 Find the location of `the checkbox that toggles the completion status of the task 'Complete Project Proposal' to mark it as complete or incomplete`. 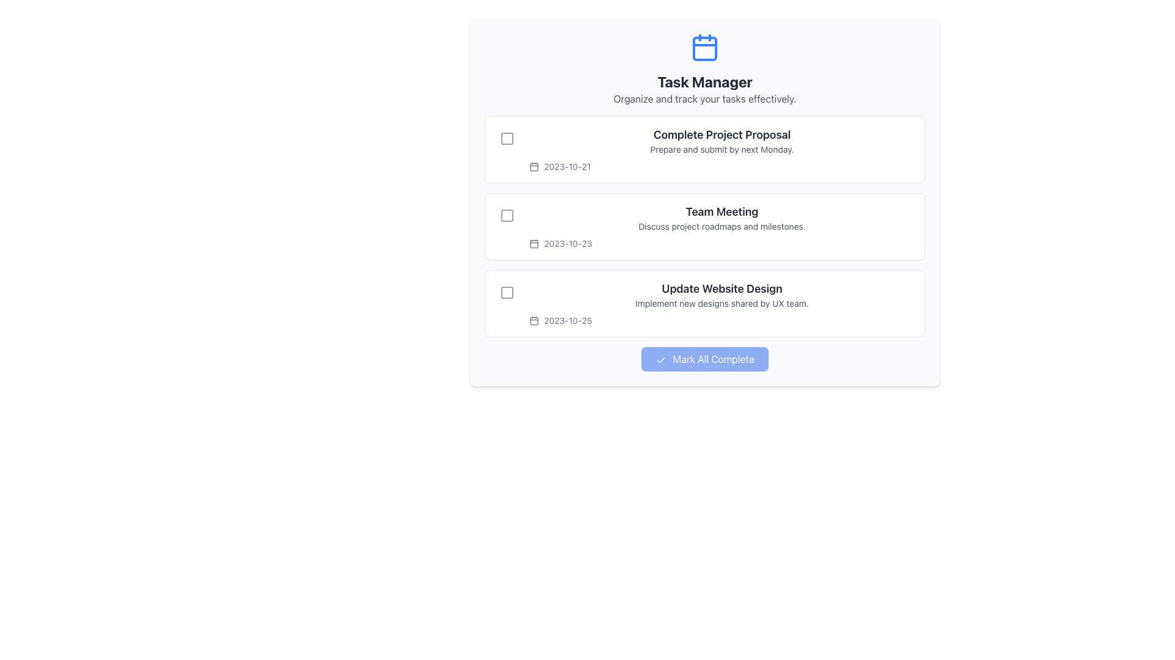

the checkbox that toggles the completion status of the task 'Complete Project Proposal' to mark it as complete or incomplete is located at coordinates (507, 138).